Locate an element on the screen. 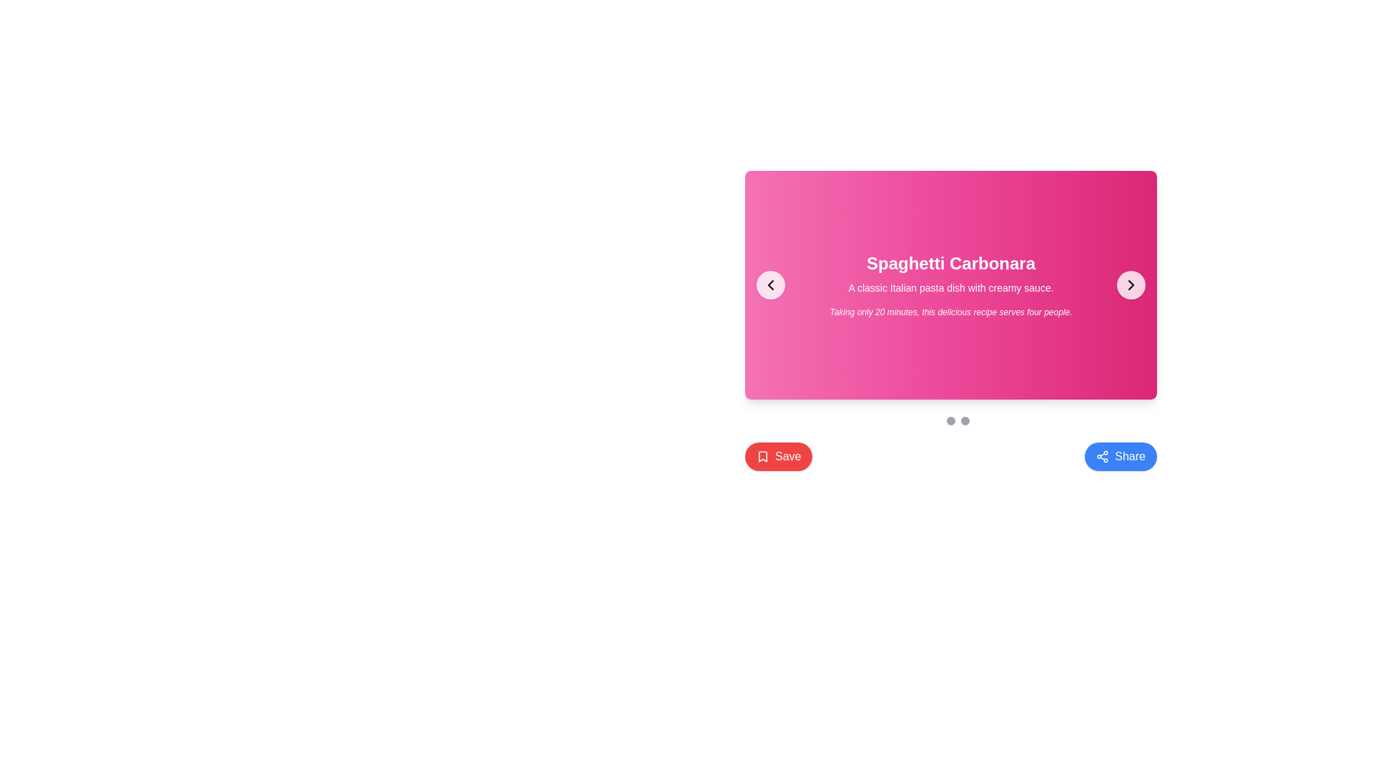 The image size is (1373, 772). the left-facing chevron icon inside the round button is located at coordinates (770, 284).